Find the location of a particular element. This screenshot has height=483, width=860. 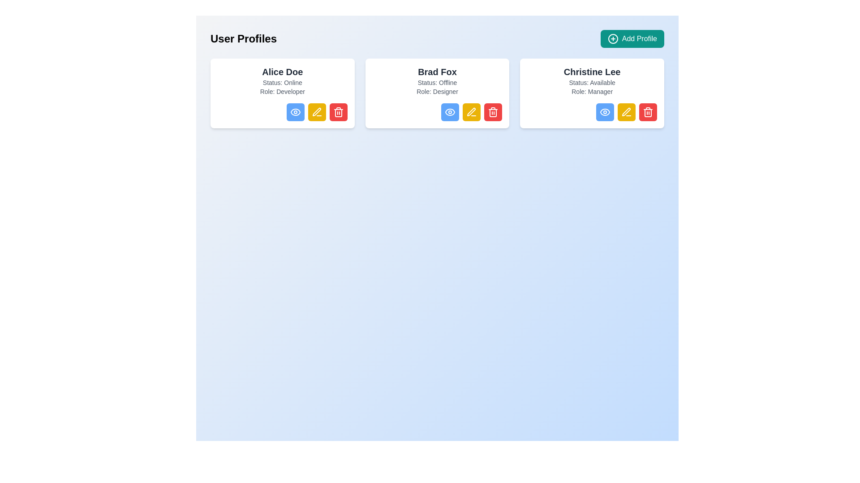

the deletion icon button located at the bottom-right corner of the 'Brad Fox' profile card is located at coordinates (493, 111).